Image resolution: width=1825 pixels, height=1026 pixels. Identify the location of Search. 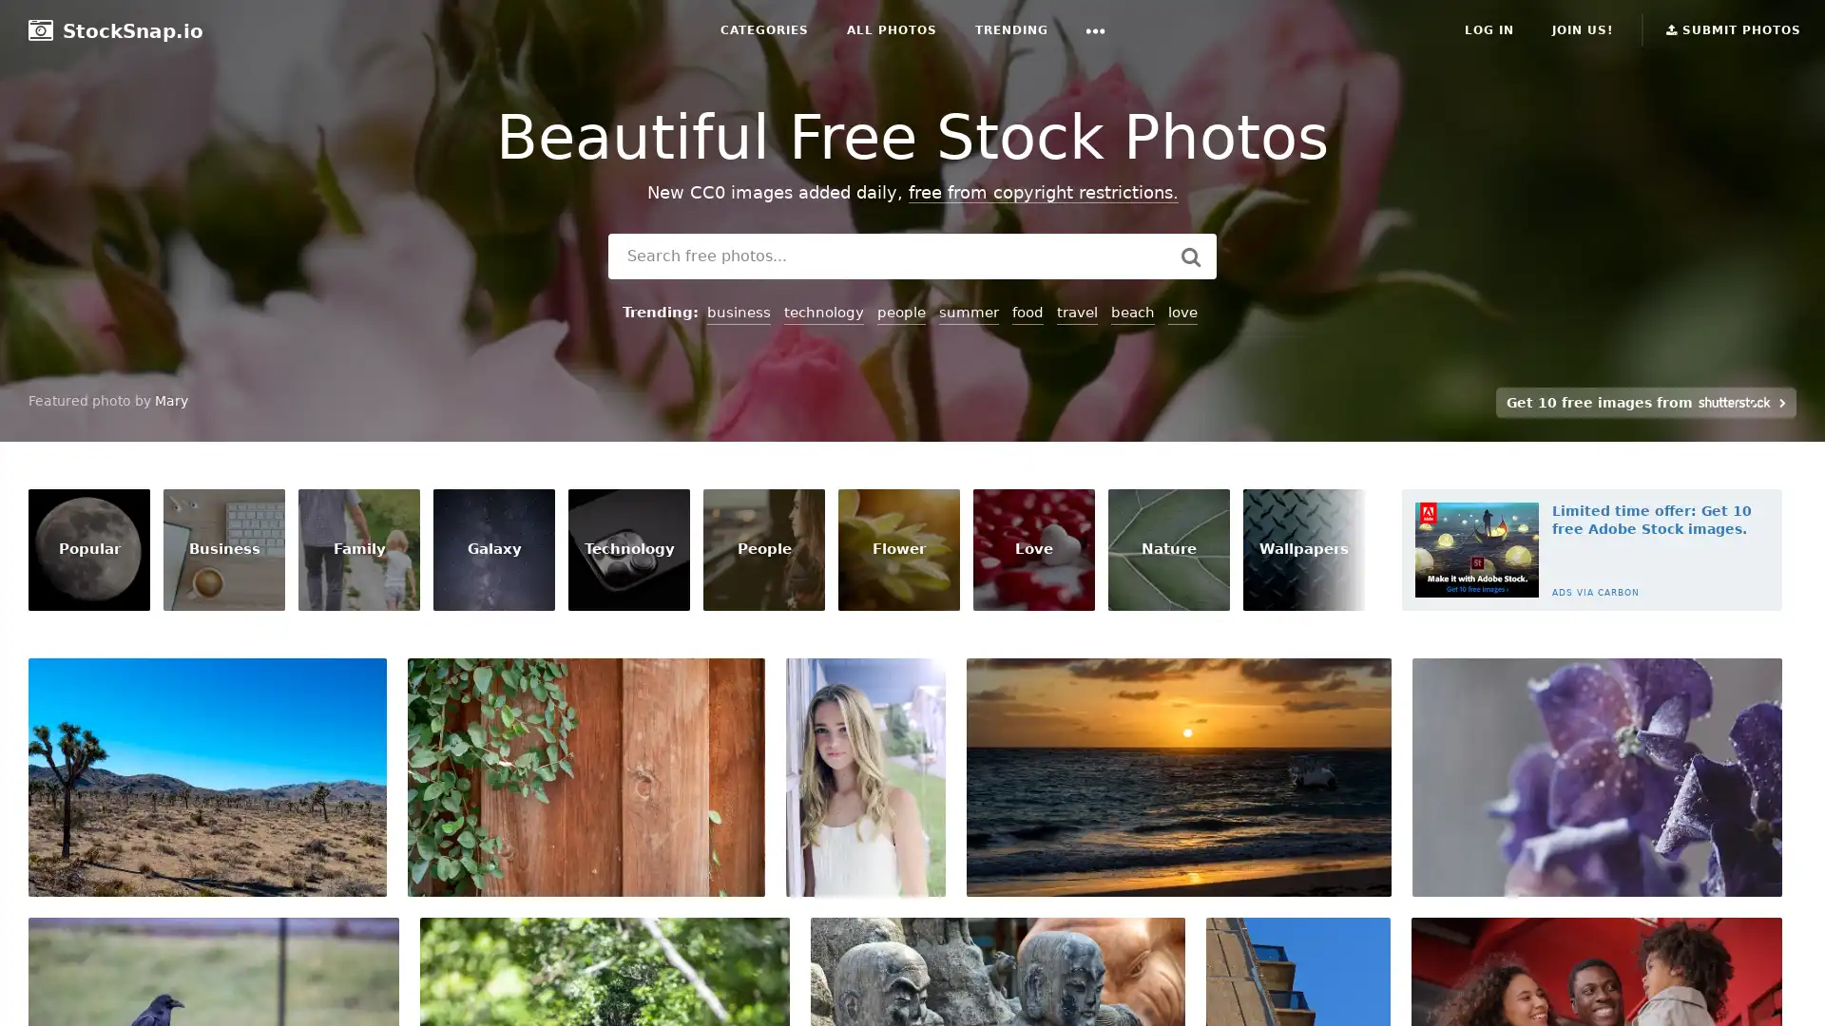
(1189, 256).